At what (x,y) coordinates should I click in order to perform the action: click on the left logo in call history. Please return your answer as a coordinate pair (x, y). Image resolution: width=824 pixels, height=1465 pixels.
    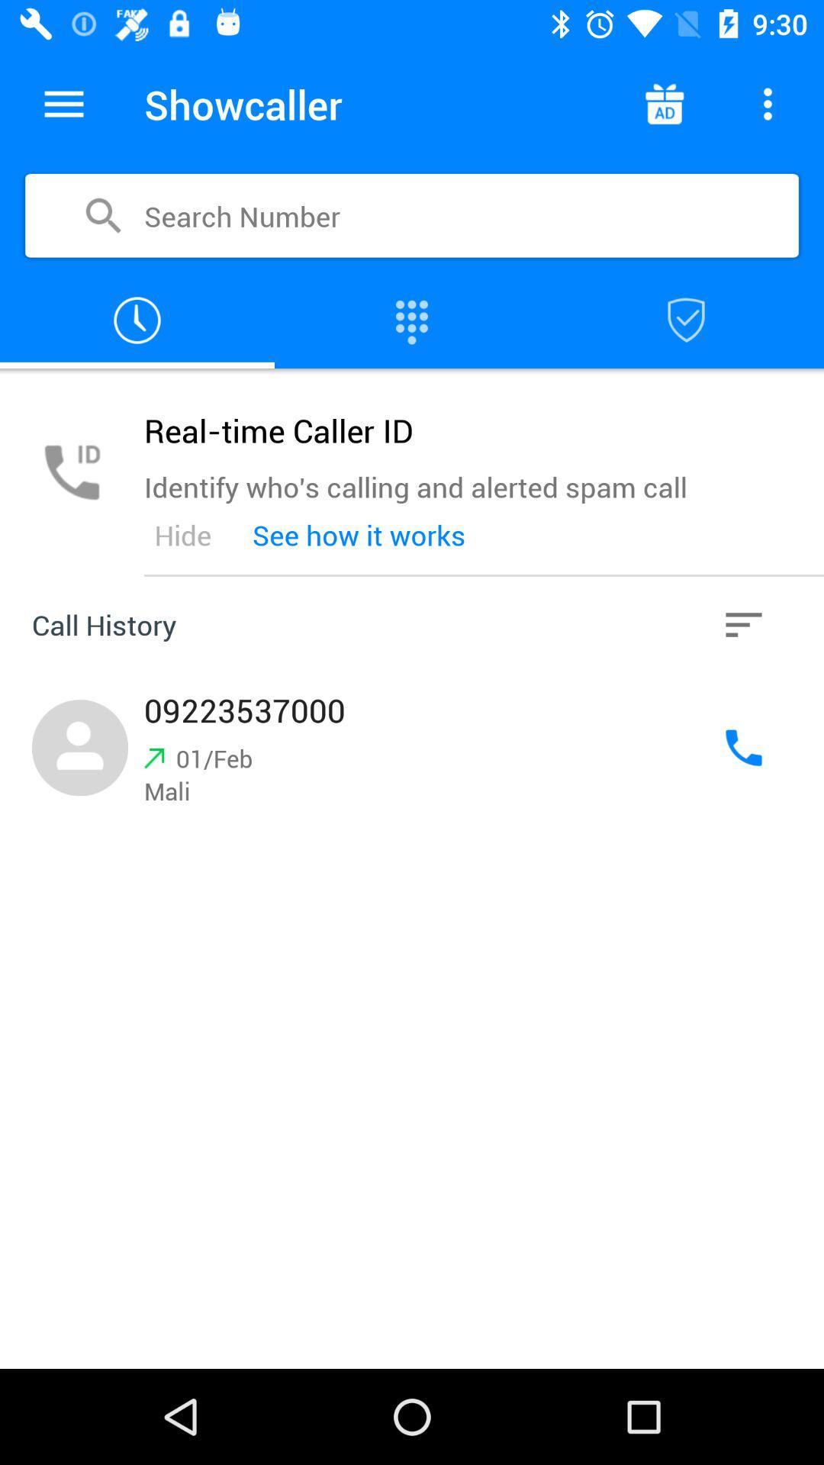
    Looking at the image, I should click on (79, 747).